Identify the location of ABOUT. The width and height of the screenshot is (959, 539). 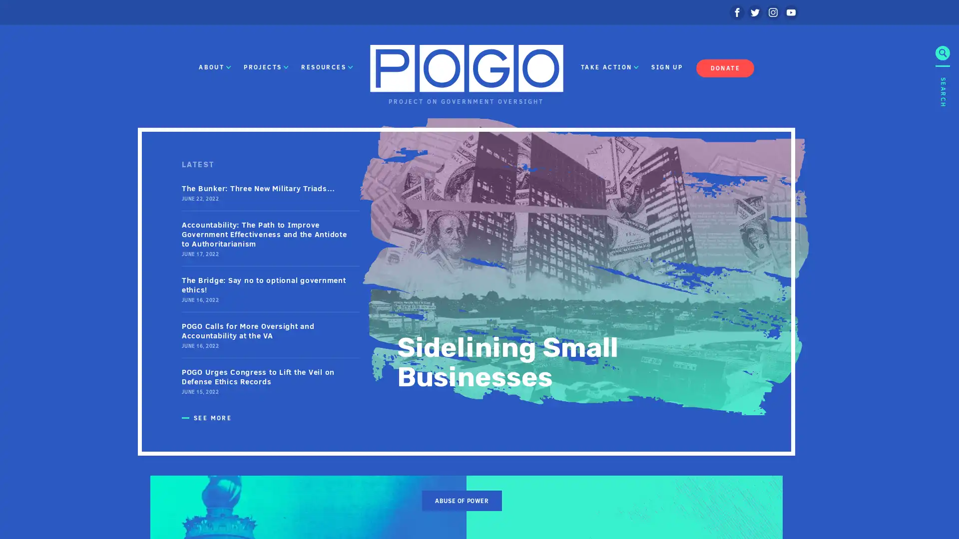
(214, 67).